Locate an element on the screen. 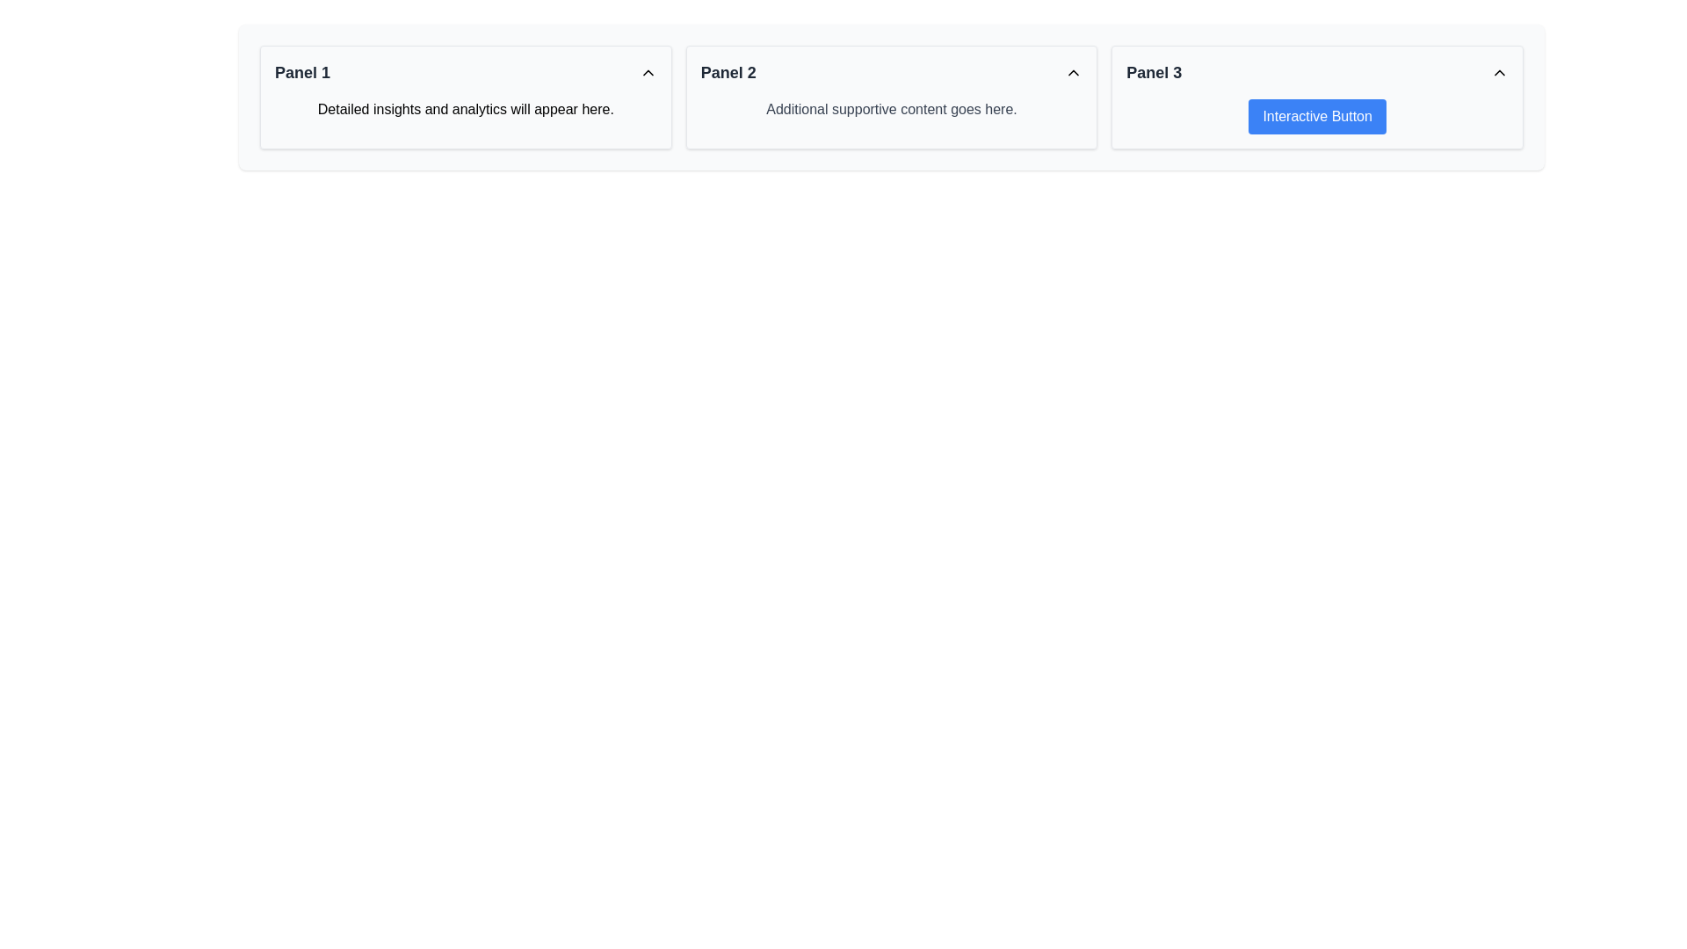  the upward-pointing chevron icon located on the right side of the header in 'Panel 1' is located at coordinates (647, 72).